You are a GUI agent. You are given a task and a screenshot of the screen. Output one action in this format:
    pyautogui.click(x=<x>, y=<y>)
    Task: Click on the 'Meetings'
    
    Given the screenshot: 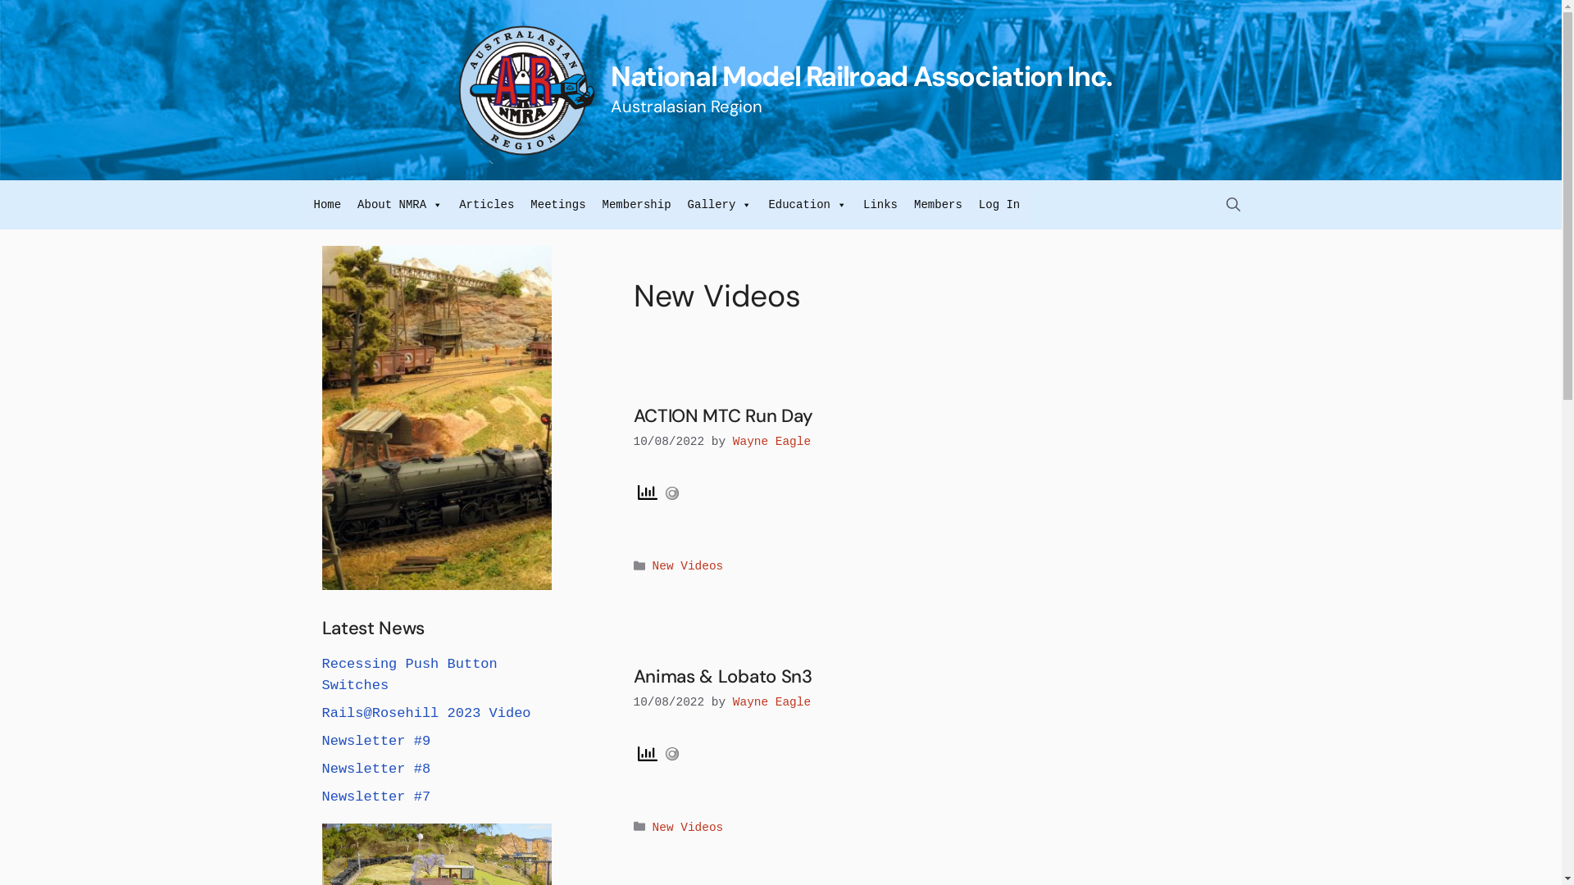 What is the action you would take?
    pyautogui.click(x=557, y=204)
    